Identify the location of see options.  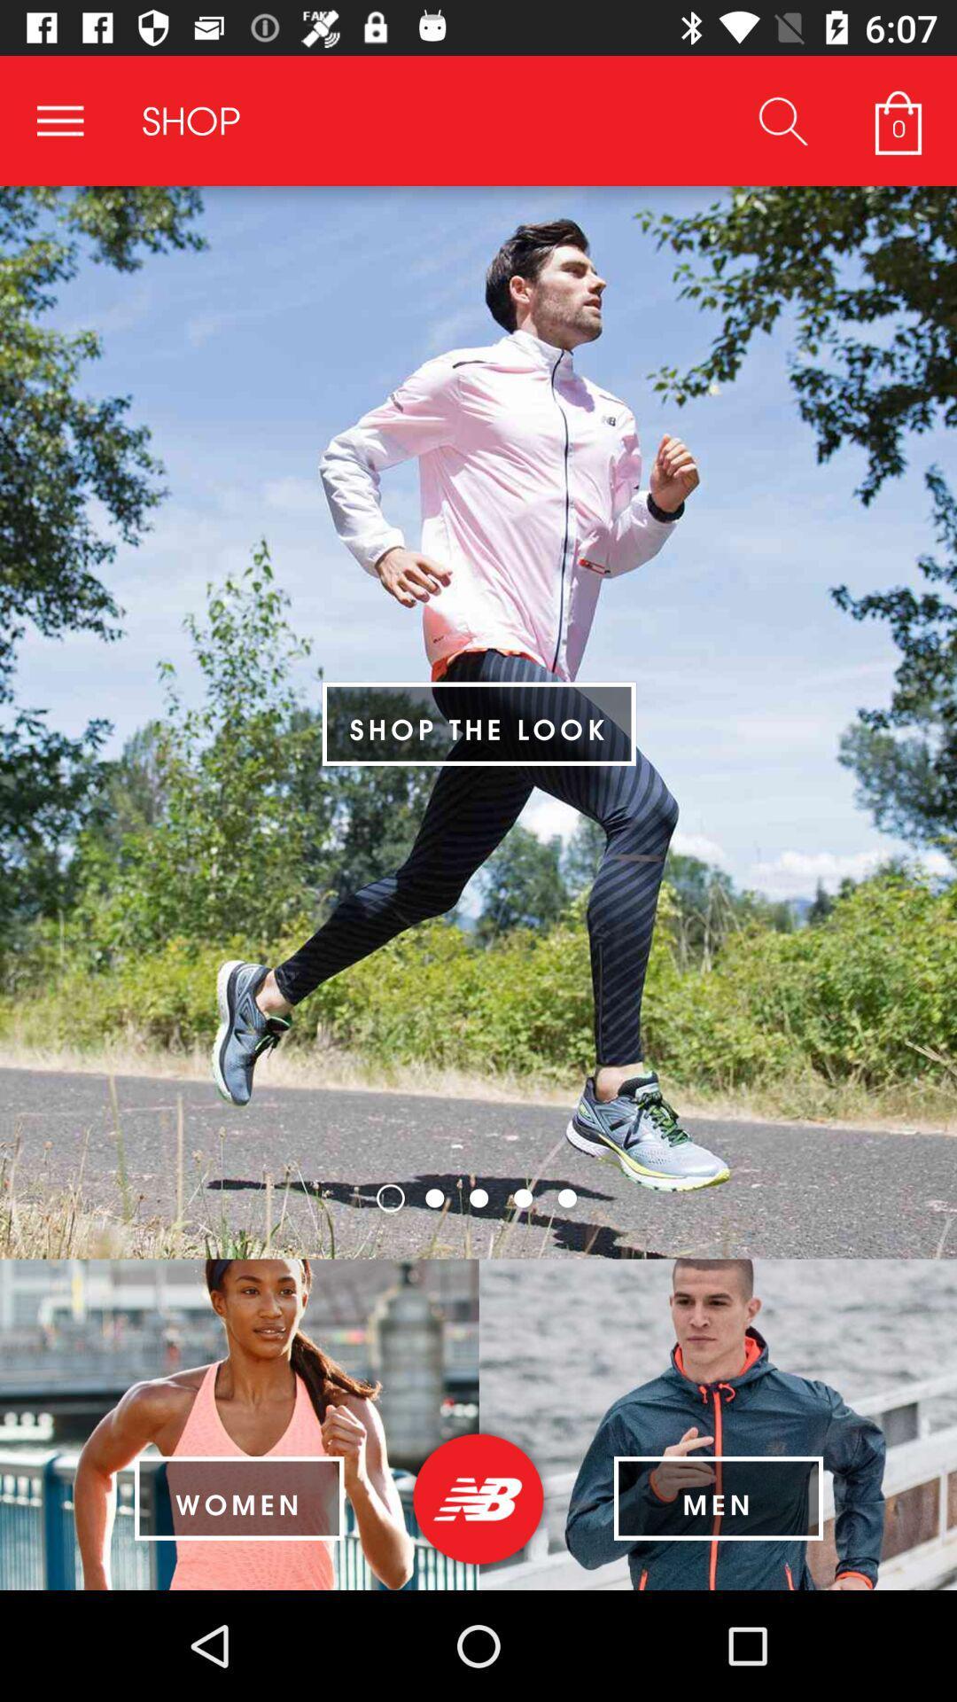
(59, 120).